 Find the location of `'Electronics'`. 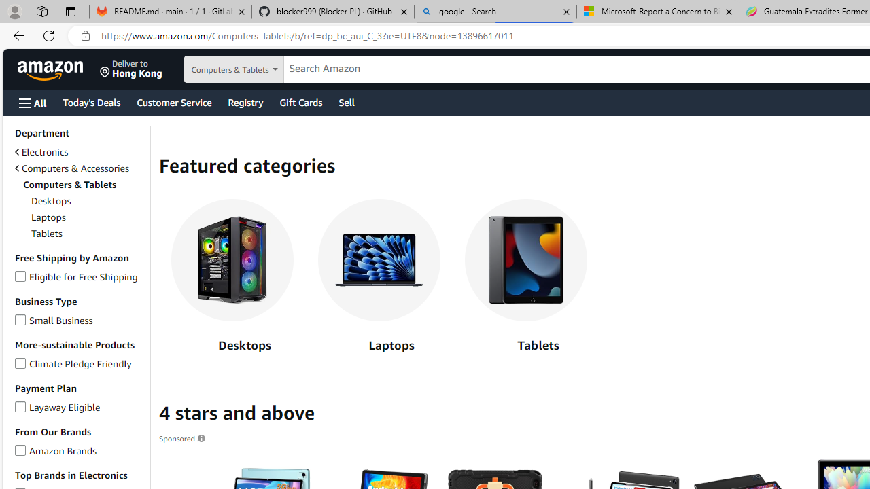

'Electronics' is located at coordinates (79, 151).